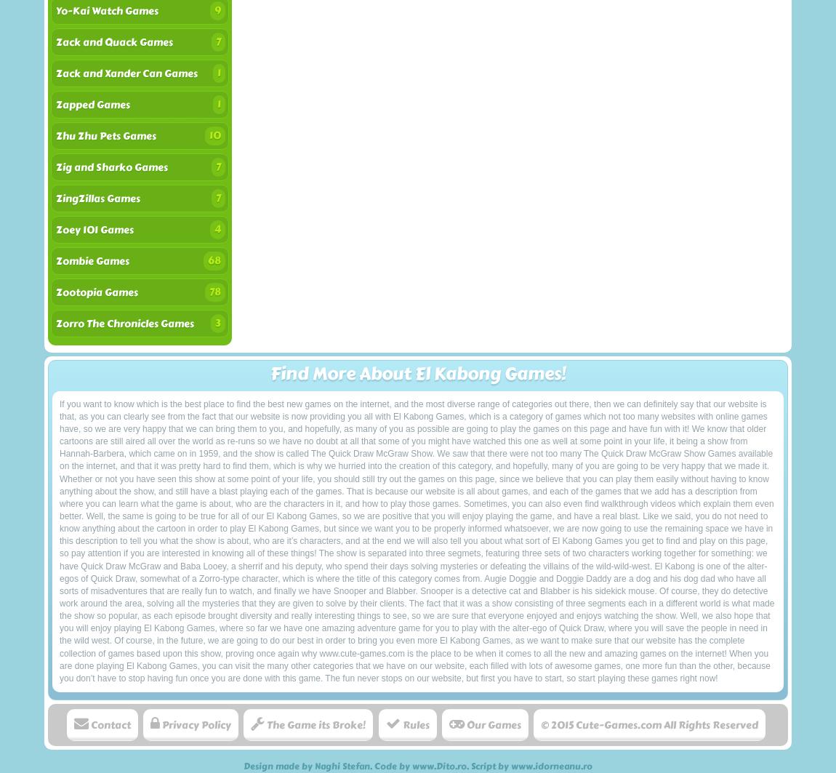  What do you see at coordinates (661, 724) in the screenshot?
I see `'All Rights Reserved'` at bounding box center [661, 724].